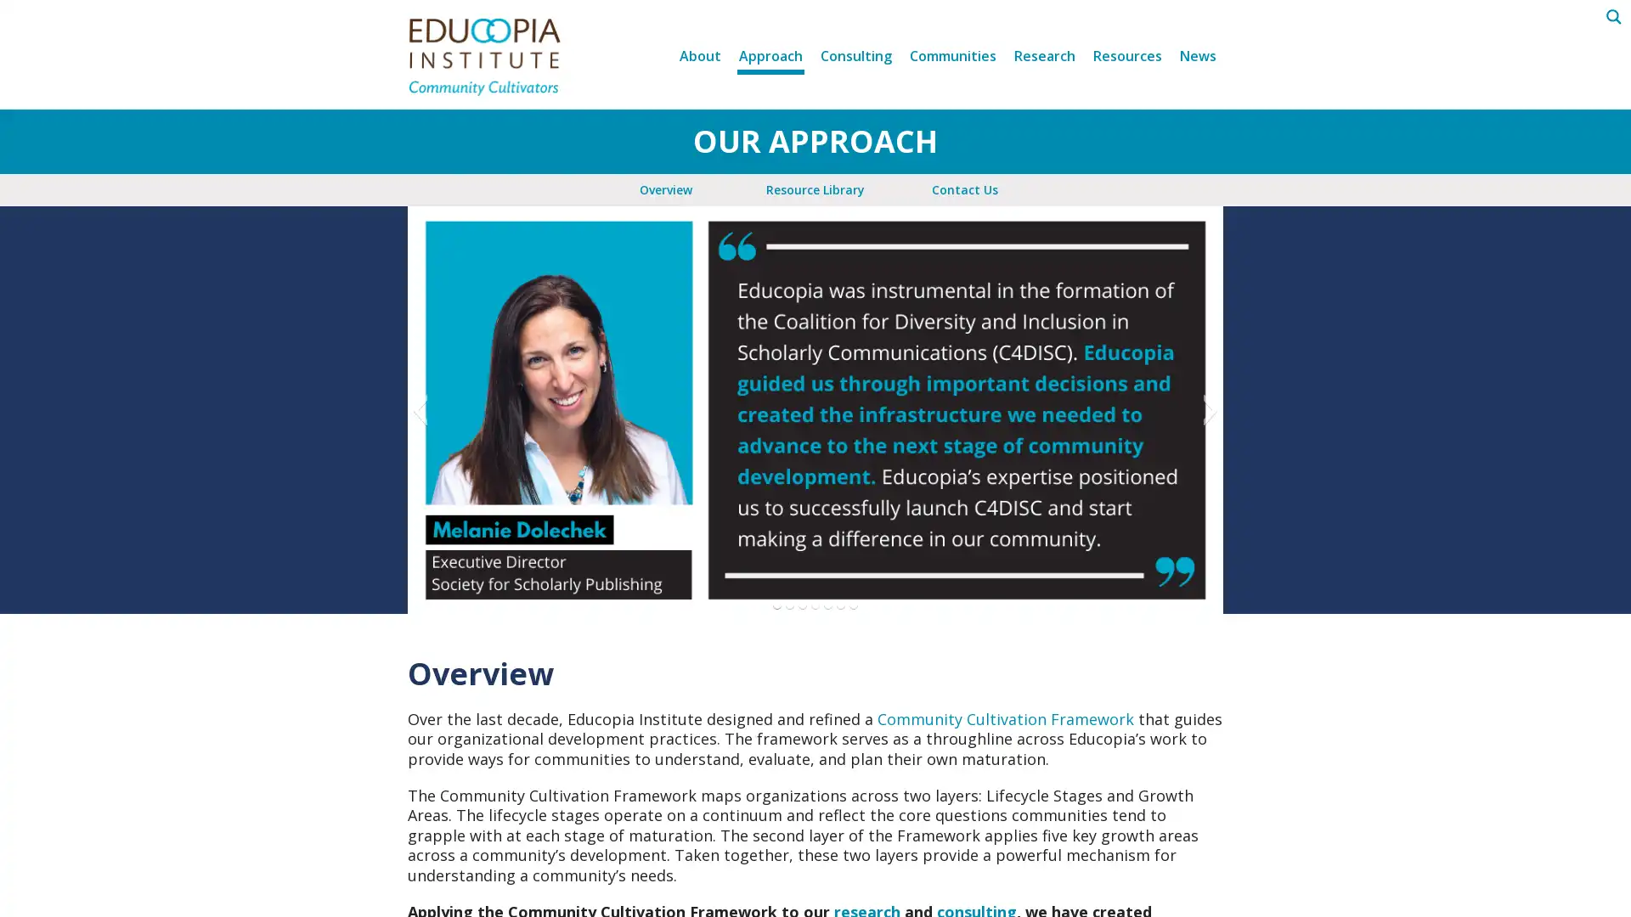  Describe the element at coordinates (840, 604) in the screenshot. I see `Go to slide 6` at that location.